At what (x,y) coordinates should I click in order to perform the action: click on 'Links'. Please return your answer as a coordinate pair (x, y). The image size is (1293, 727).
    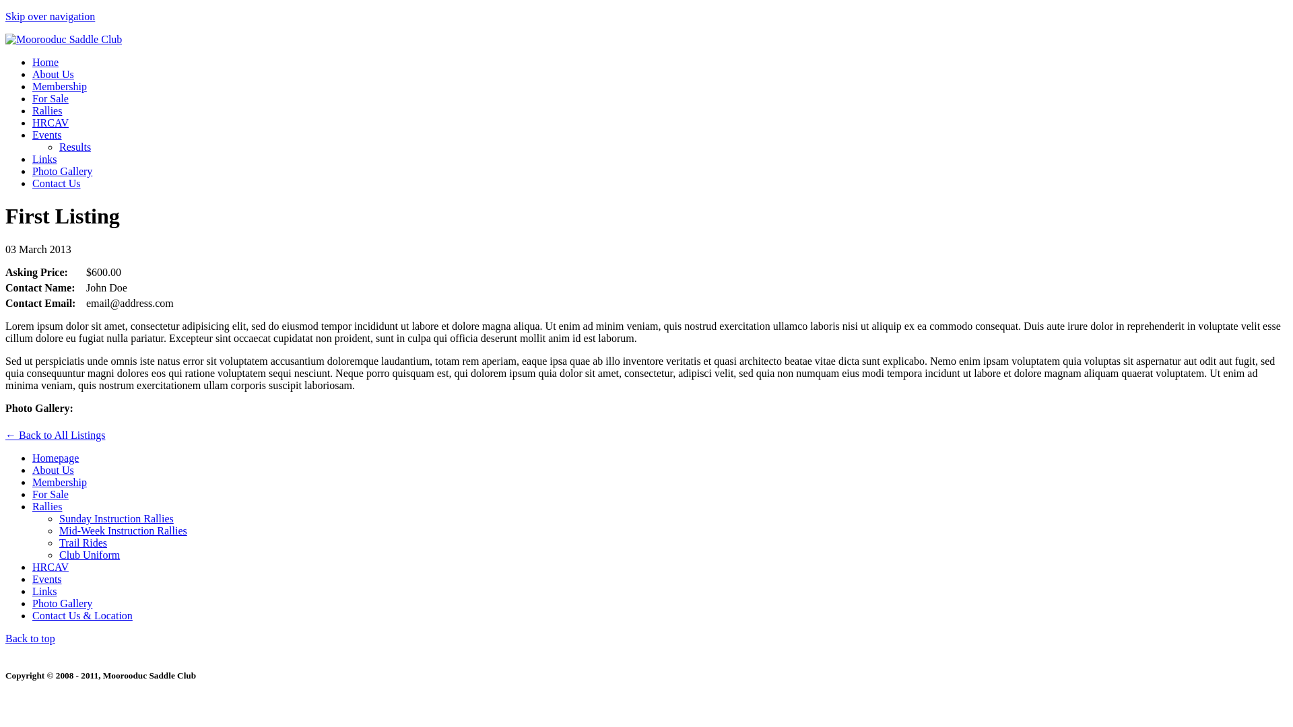
    Looking at the image, I should click on (44, 158).